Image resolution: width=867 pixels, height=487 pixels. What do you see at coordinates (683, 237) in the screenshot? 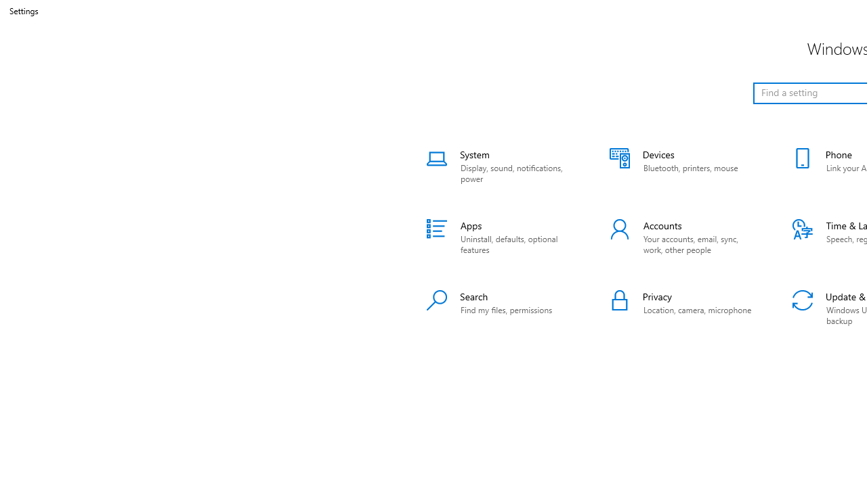
I see `'Accounts'` at bounding box center [683, 237].